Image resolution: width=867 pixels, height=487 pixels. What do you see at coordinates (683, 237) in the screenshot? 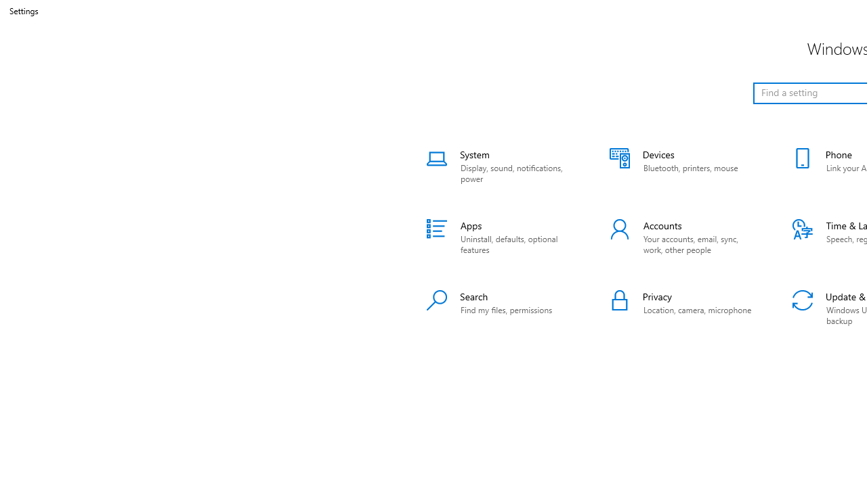
I see `'Accounts'` at bounding box center [683, 237].